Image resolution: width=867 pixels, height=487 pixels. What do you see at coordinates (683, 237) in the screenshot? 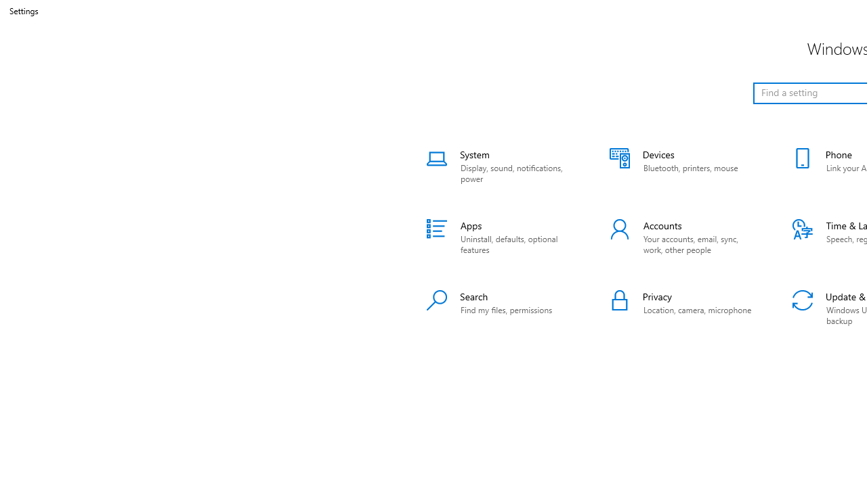
I see `'Accounts'` at bounding box center [683, 237].